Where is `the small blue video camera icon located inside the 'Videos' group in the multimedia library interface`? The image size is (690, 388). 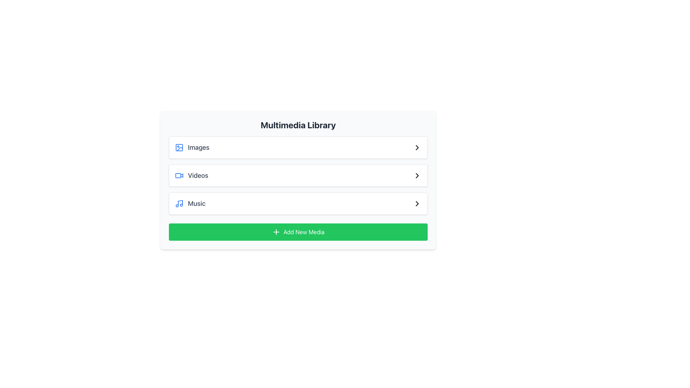 the small blue video camera icon located inside the 'Videos' group in the multimedia library interface is located at coordinates (179, 176).